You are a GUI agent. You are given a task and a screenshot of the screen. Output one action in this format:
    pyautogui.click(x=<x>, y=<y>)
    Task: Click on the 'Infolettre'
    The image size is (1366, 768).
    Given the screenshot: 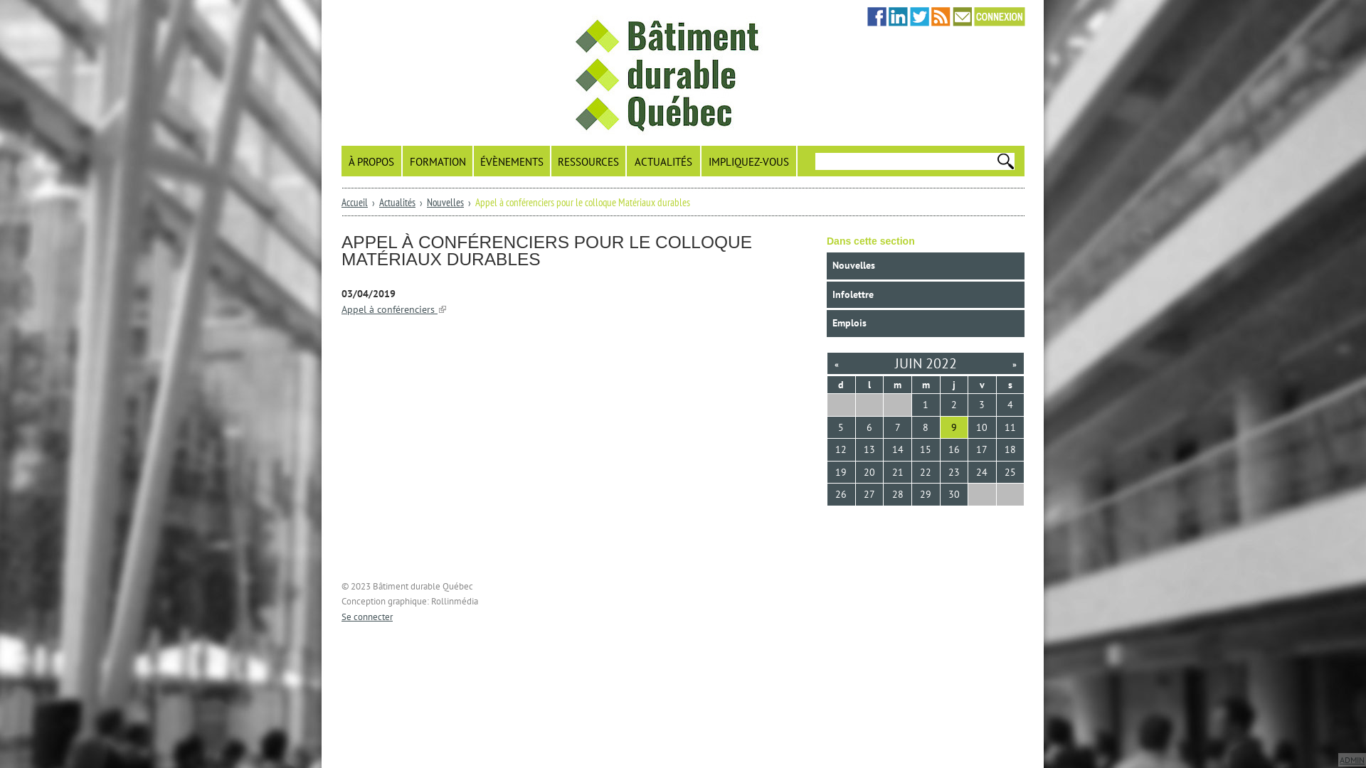 What is the action you would take?
    pyautogui.click(x=826, y=294)
    